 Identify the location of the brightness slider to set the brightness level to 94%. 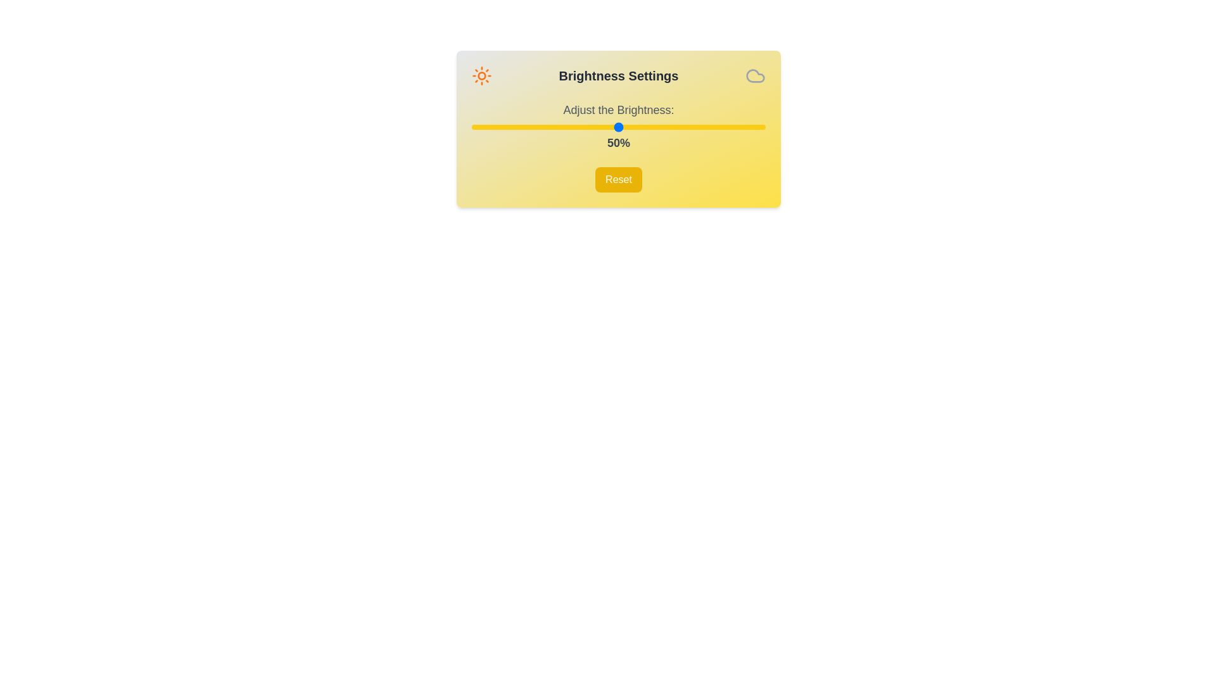
(748, 127).